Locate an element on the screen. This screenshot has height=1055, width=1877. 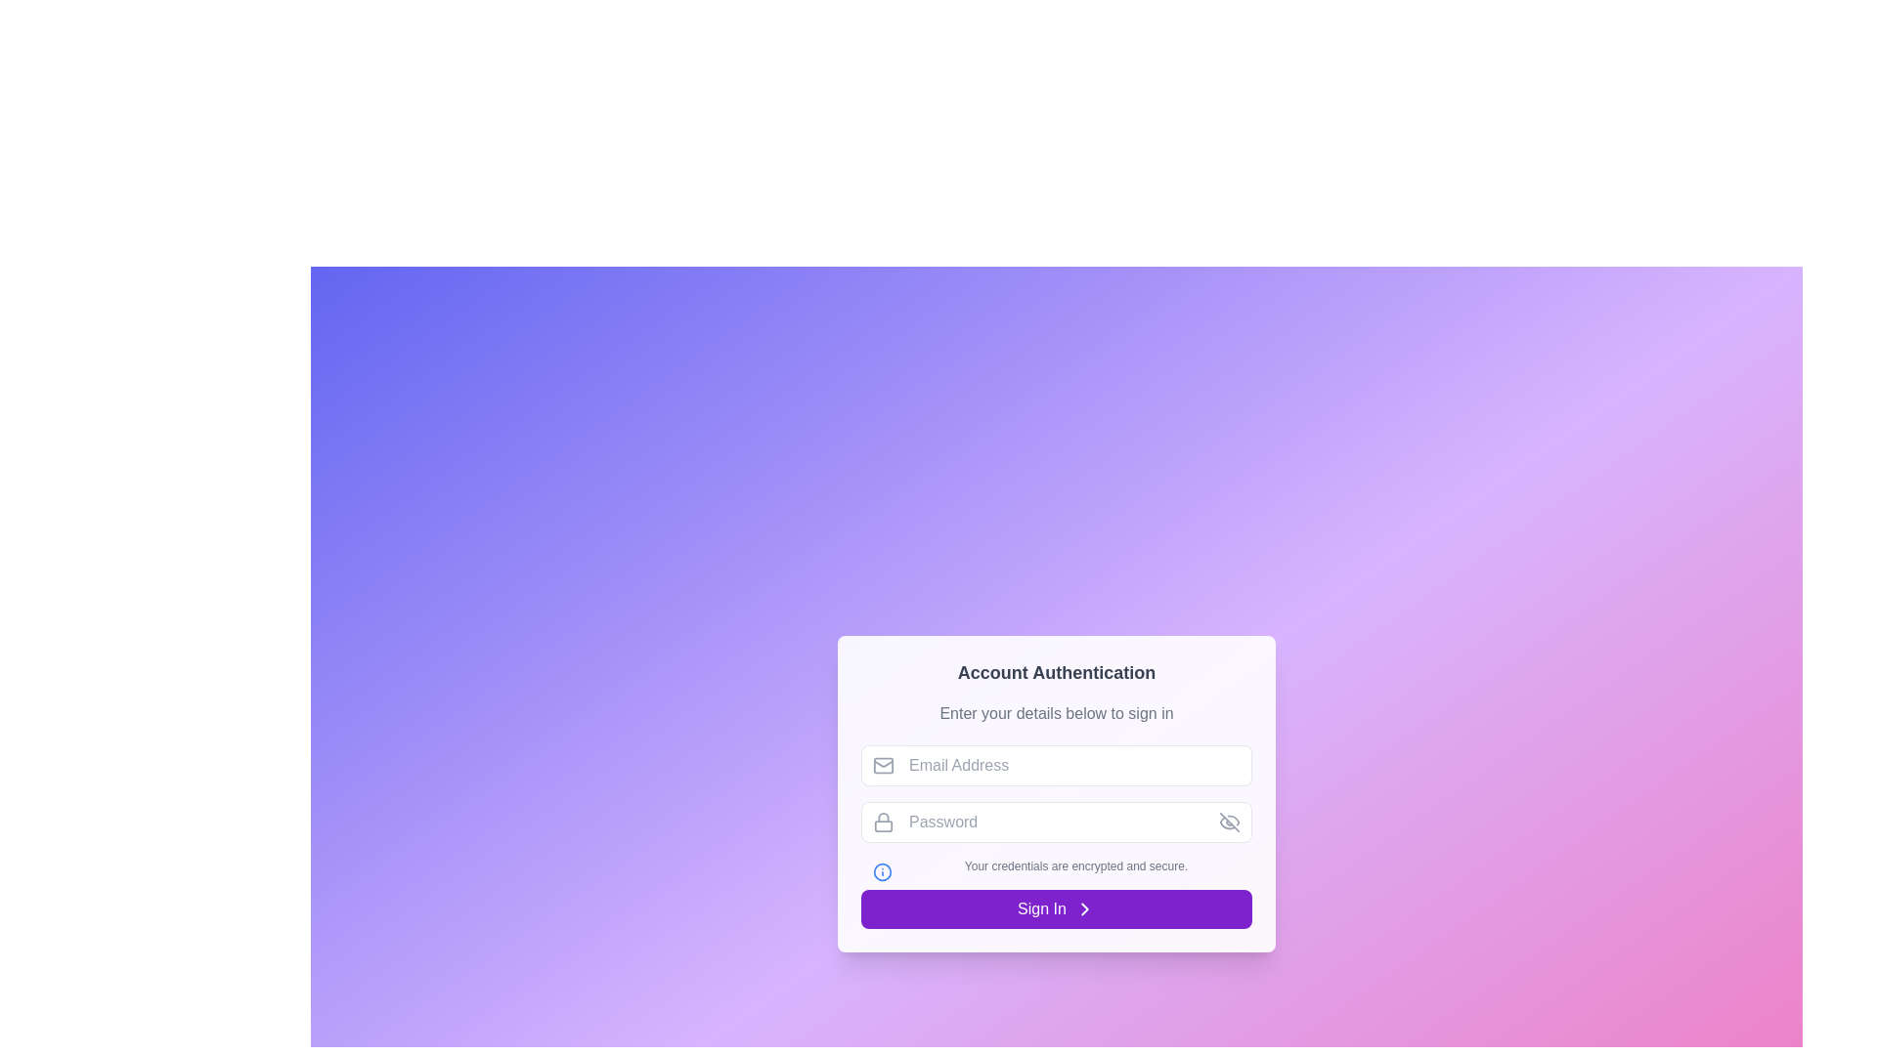
the Decorative icon indicating the email input field, located at the left edge of the field, aligned vertically in the middle is located at coordinates (882, 764).